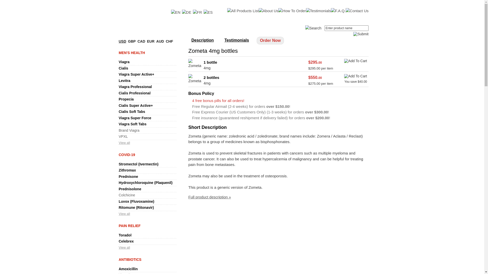 The width and height of the screenshot is (488, 274). I want to click on 'PAIN RELIEF', so click(129, 226).